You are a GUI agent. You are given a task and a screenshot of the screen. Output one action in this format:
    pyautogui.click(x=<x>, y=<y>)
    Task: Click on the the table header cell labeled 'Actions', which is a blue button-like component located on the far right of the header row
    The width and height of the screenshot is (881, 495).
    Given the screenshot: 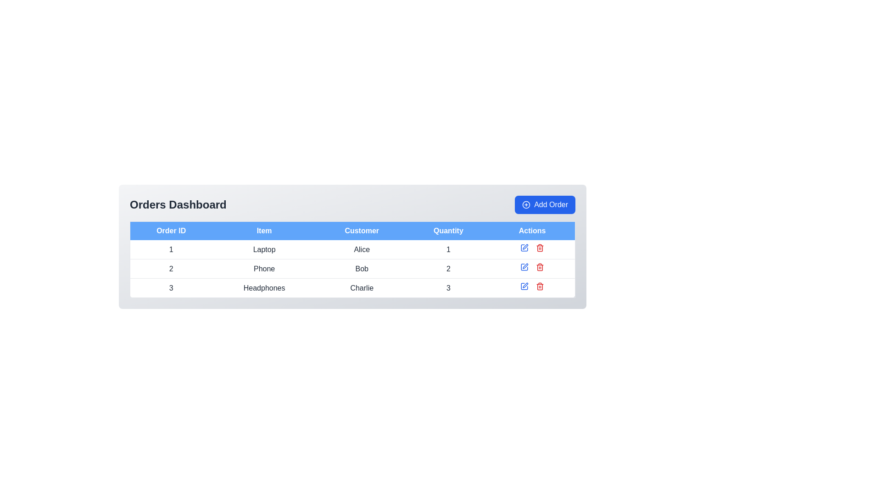 What is the action you would take?
    pyautogui.click(x=532, y=230)
    